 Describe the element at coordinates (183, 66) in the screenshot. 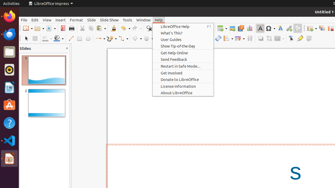

I see `'Restart in Safe Mode...'` at that location.